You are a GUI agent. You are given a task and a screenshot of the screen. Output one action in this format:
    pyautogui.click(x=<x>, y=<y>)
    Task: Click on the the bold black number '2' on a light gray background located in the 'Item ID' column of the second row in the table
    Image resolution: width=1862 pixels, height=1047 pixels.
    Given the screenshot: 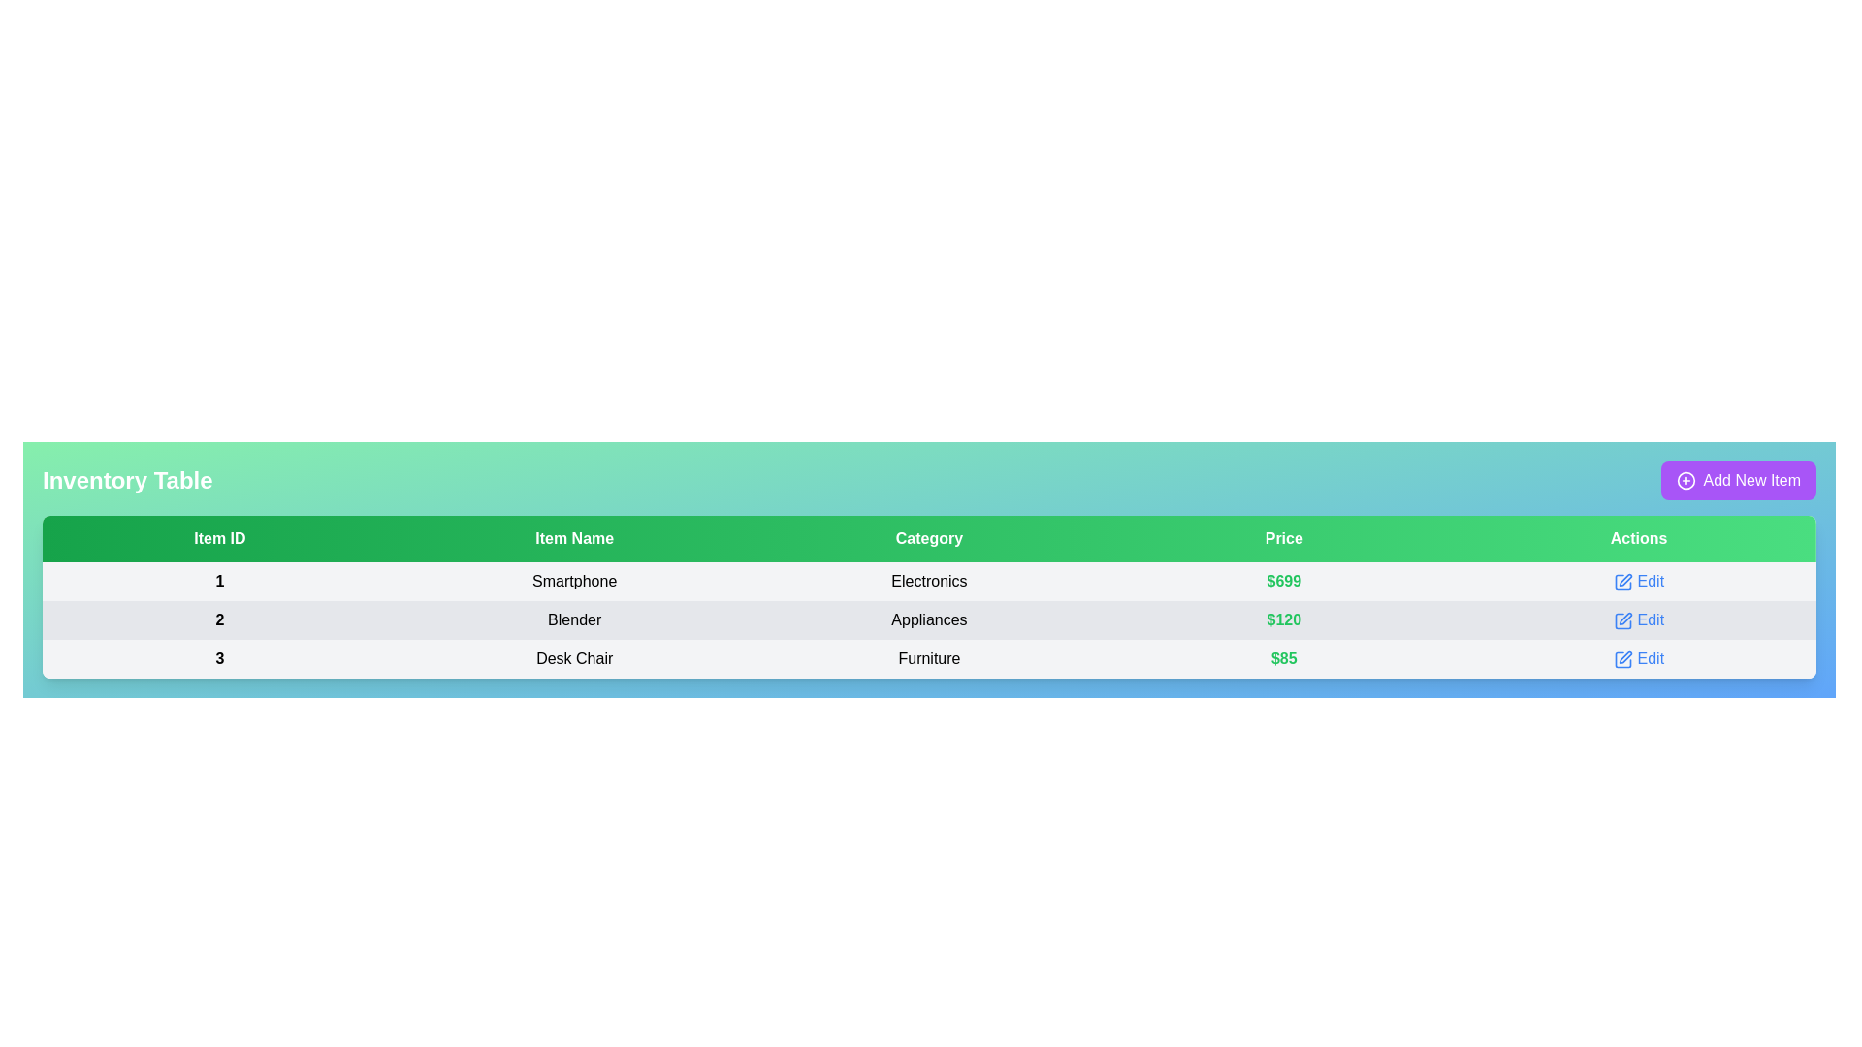 What is the action you would take?
    pyautogui.click(x=219, y=620)
    